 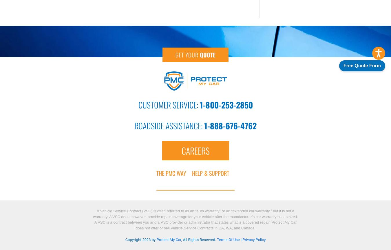 I want to click on 'Privacy Policy', so click(x=254, y=239).